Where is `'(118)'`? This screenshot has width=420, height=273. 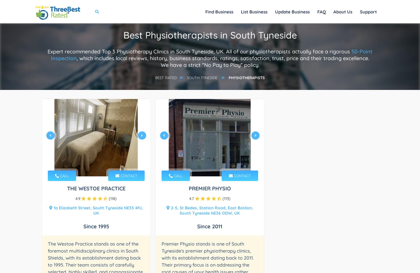
'(118)' is located at coordinates (112, 199).